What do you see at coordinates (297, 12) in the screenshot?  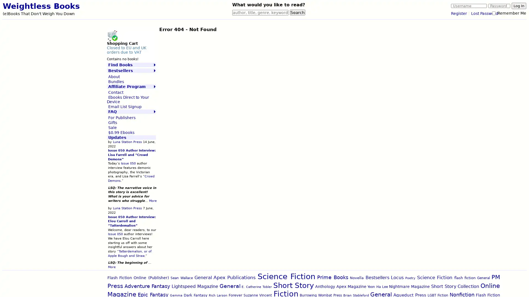 I see `Search` at bounding box center [297, 12].